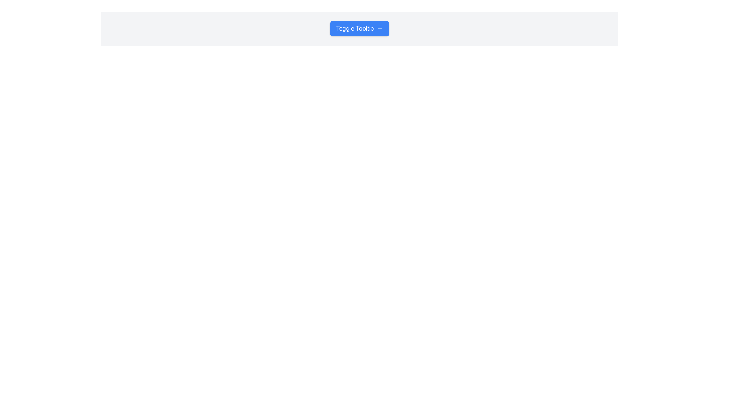 This screenshot has height=419, width=746. I want to click on the downward arrow icon styled as a chevron, which is located within the 'Toggle Tooltip' button to the right of the text, so click(380, 28).